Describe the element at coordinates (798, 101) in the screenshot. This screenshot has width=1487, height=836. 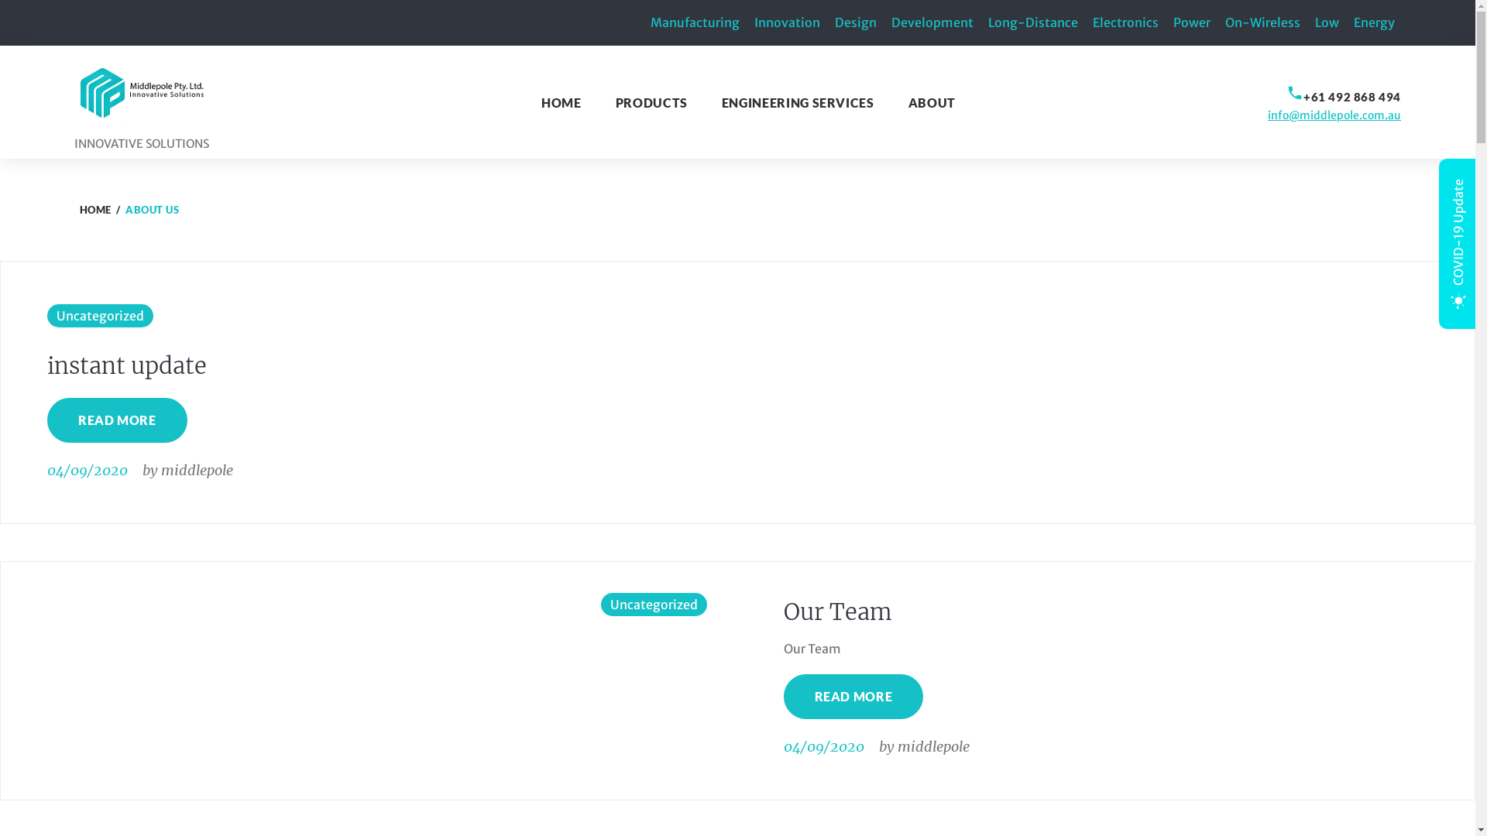
I see `'ENGINEERING SERVICES'` at that location.